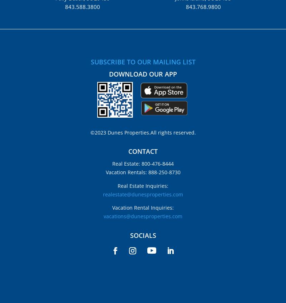  Describe the element at coordinates (142, 172) in the screenshot. I see `'Vacation Rentals: 888-250-8730'` at that location.